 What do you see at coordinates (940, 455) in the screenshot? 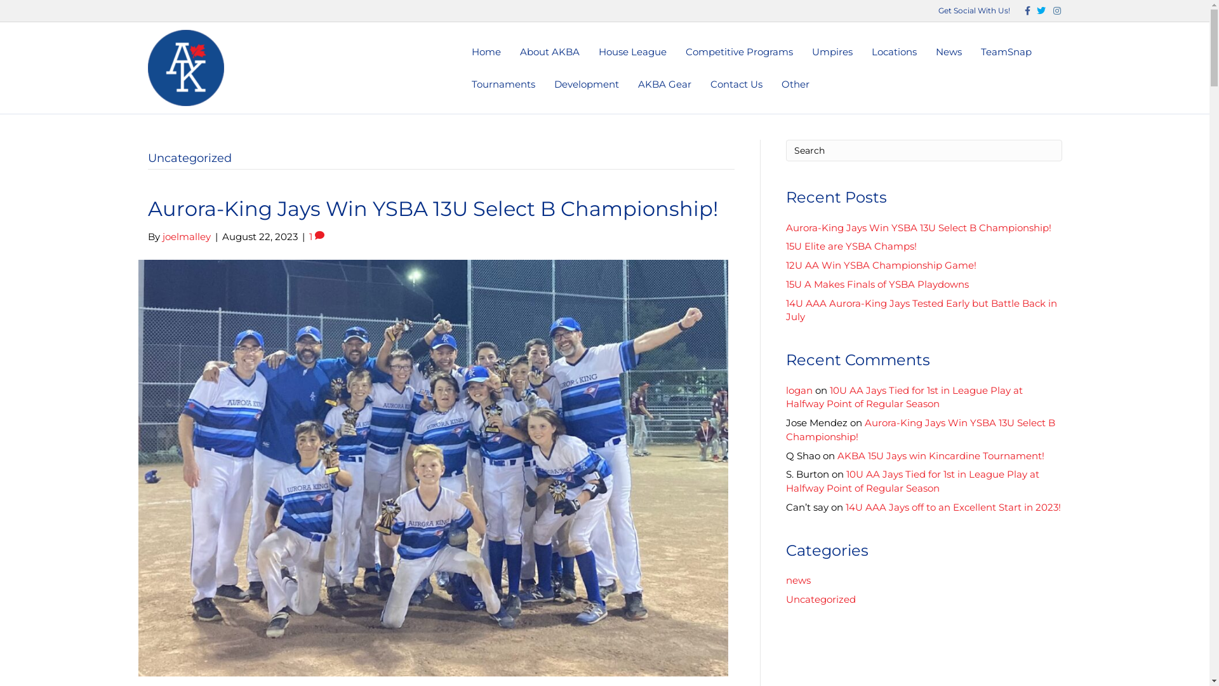
I see `'AKBA 15U Jays win Kincardine Tournament!'` at bounding box center [940, 455].